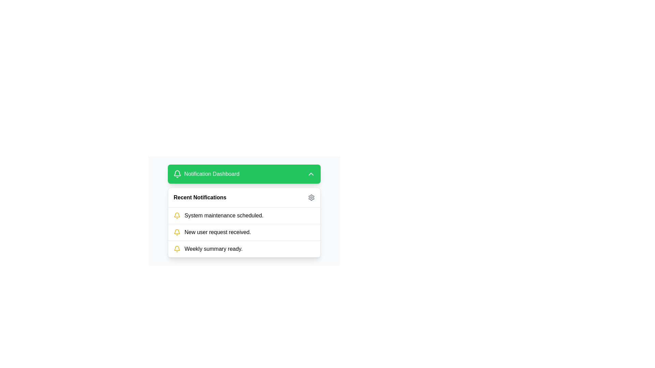  Describe the element at coordinates (213, 249) in the screenshot. I see `the text label displaying 'Weekly summary ready.' located in the bottom row of the notification panel under 'Recent Notifications.'` at that location.